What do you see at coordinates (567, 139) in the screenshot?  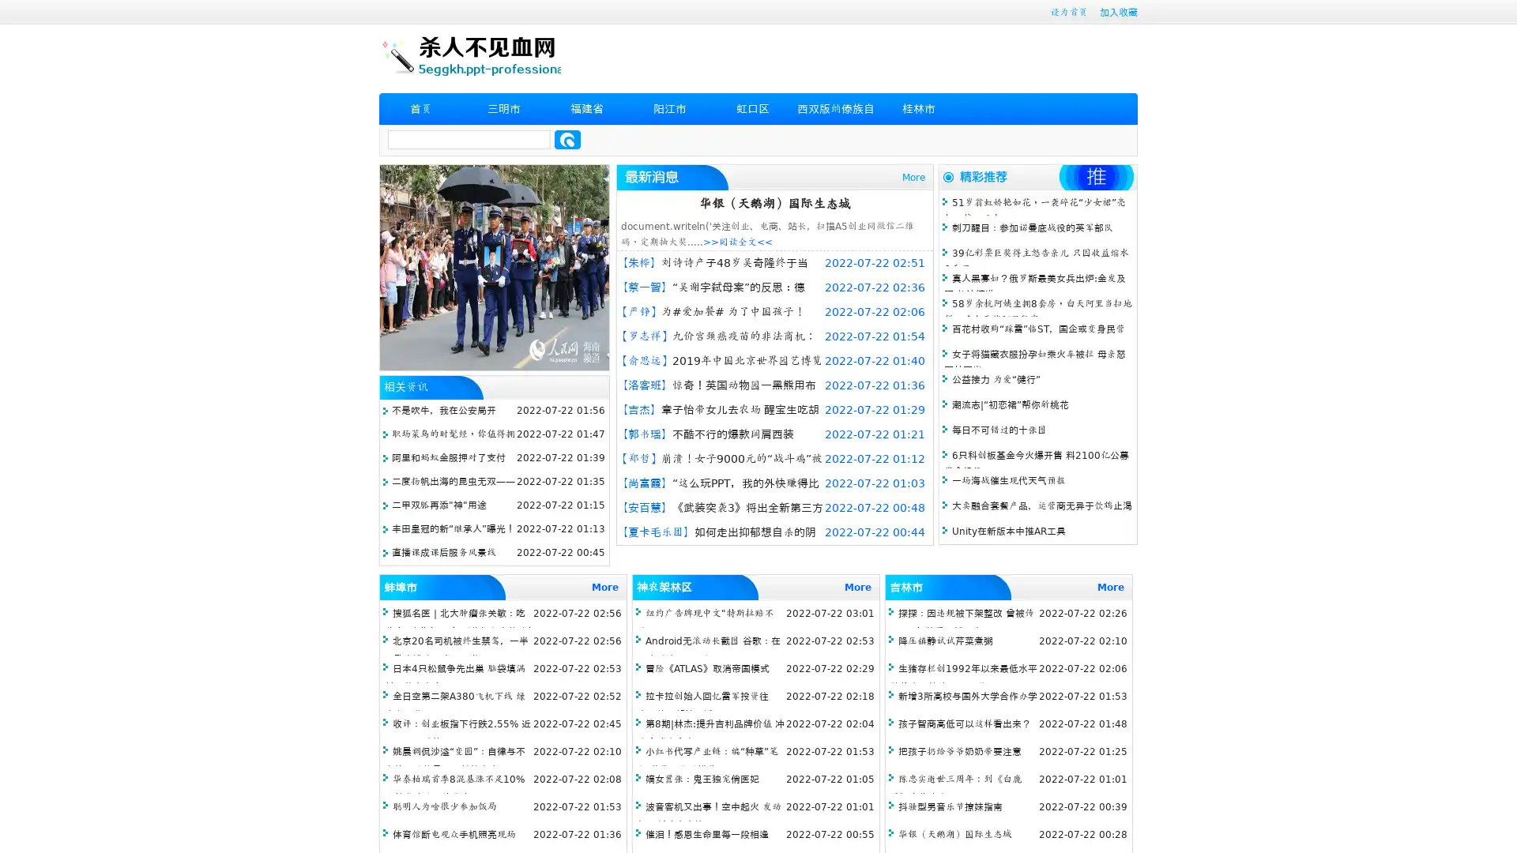 I see `Search` at bounding box center [567, 139].